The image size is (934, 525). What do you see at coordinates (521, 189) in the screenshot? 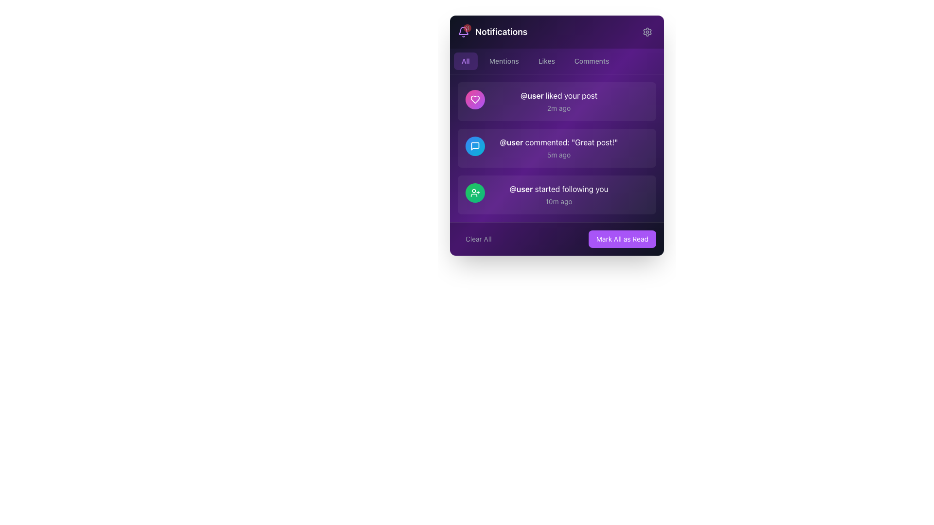
I see `the username label in the third notification entry that reads '@user started following you'` at bounding box center [521, 189].